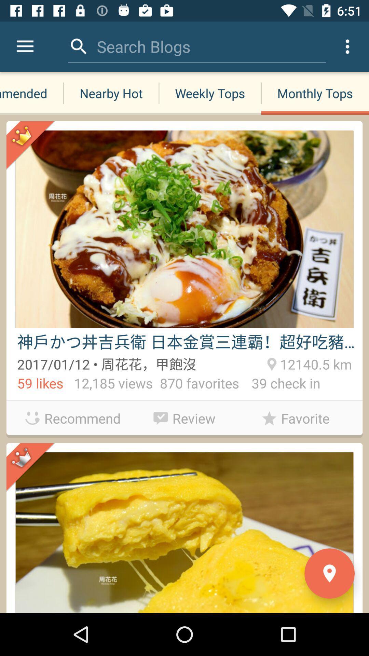  I want to click on icon to the left of the 39 check in, so click(184, 416).